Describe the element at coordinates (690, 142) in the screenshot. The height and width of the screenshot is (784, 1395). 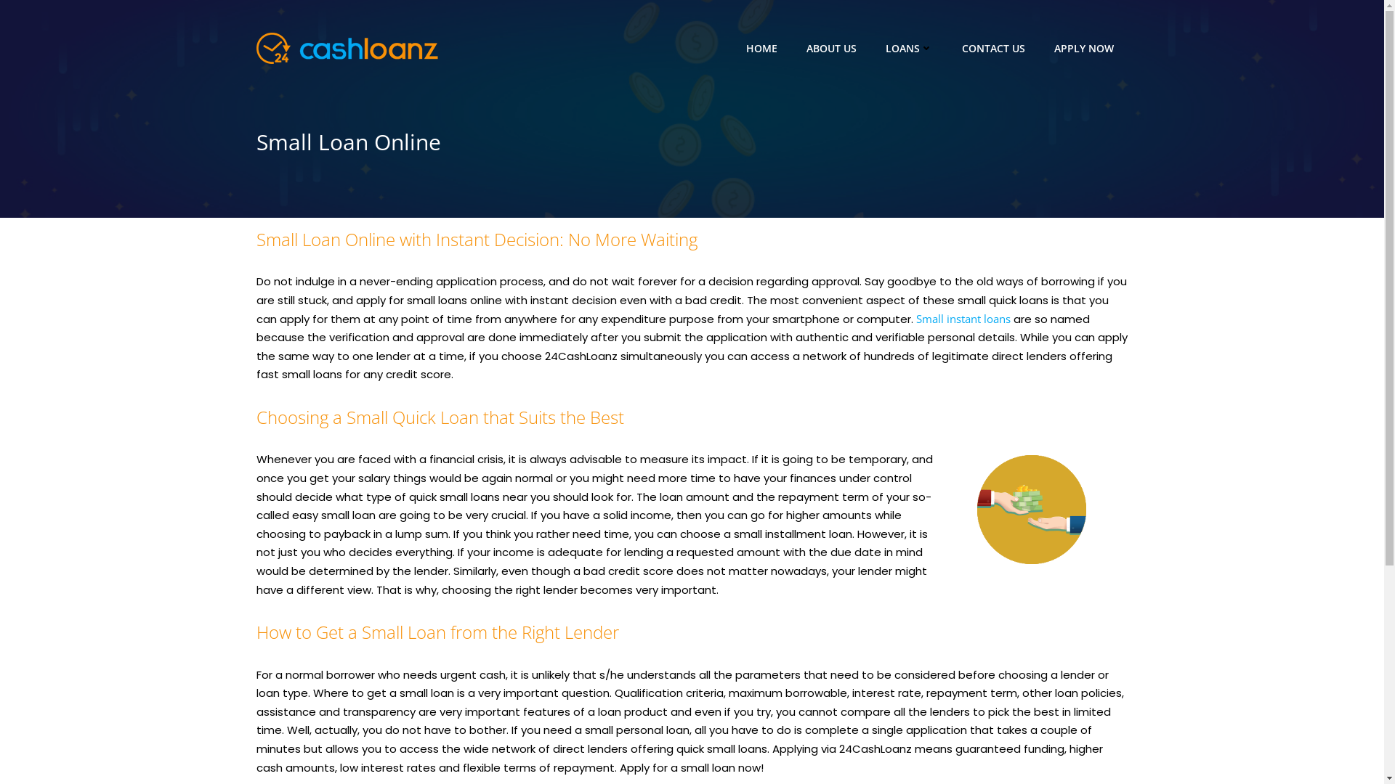
I see `'Small Loan Online'` at that location.